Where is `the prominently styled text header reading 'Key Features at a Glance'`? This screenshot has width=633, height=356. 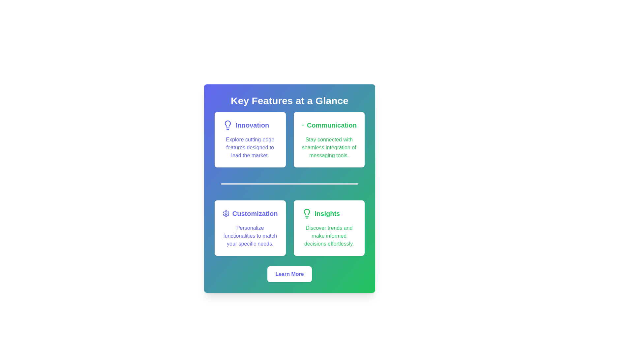
the prominently styled text header reading 'Key Features at a Glance' is located at coordinates (289, 101).